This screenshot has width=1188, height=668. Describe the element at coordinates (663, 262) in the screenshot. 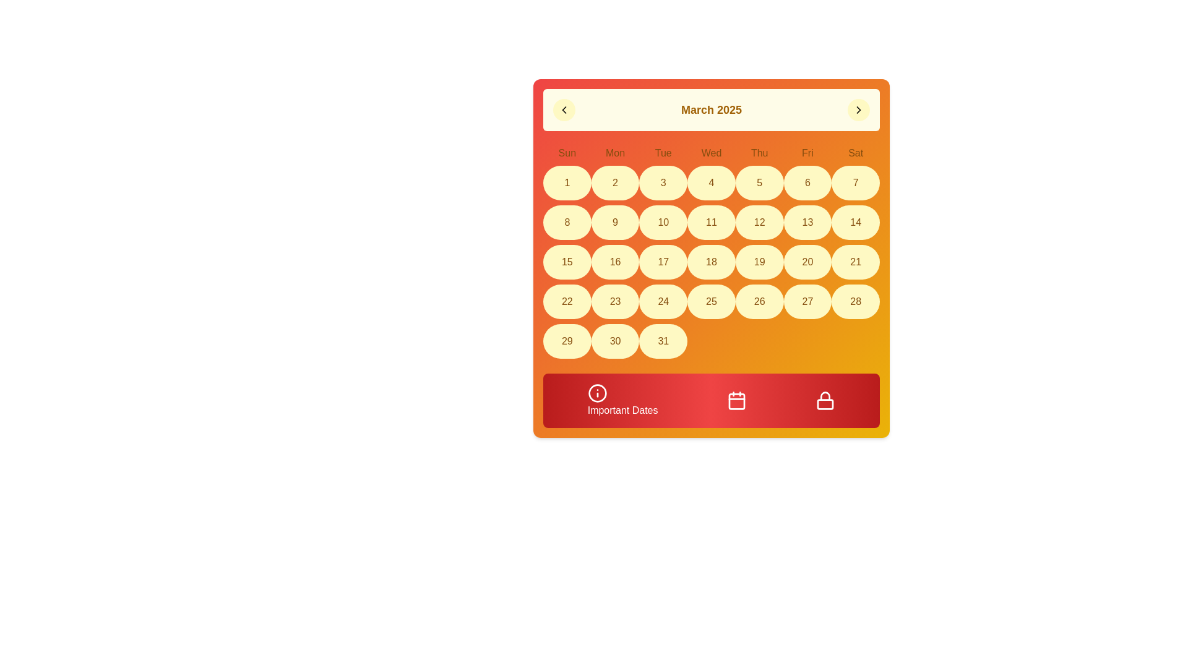

I see `the calendar day cell representing March 17, 2025` at that location.